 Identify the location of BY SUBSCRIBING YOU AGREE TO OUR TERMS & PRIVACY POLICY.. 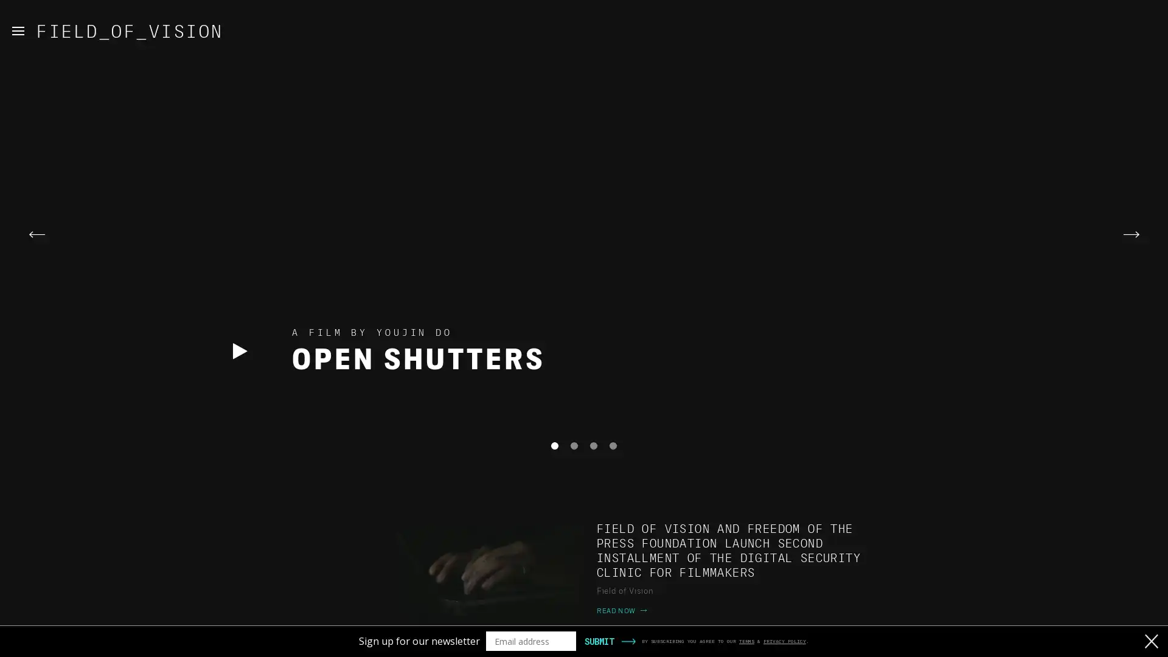
(725, 640).